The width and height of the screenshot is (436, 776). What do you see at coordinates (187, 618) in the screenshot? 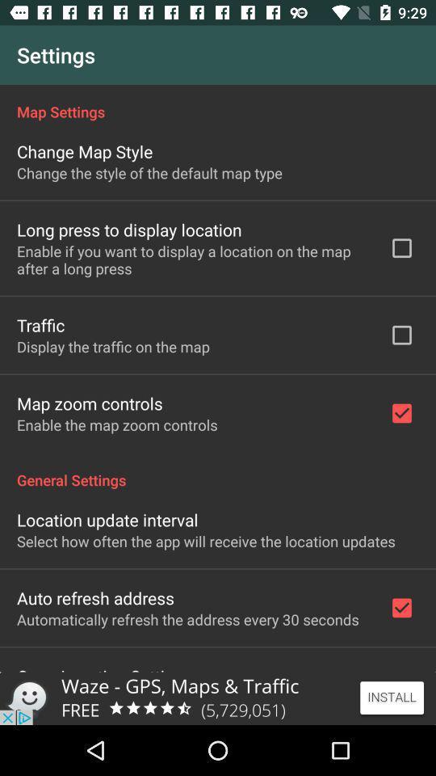
I see `the automatically refresh the app` at bounding box center [187, 618].